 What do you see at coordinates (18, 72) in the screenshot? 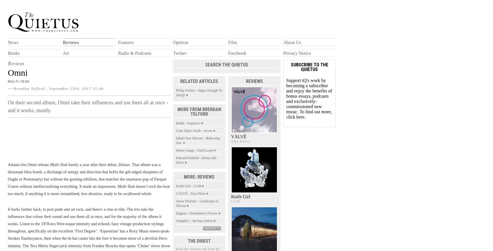
I see `'Omni'` at bounding box center [18, 72].